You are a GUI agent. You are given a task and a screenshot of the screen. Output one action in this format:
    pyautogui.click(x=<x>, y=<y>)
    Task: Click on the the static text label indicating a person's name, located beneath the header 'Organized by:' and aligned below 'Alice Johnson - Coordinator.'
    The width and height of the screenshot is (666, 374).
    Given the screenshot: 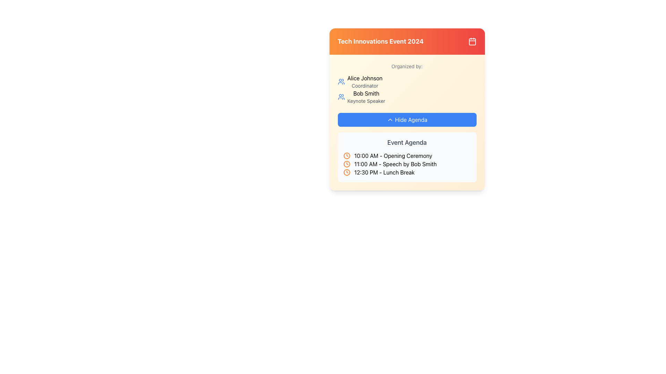 What is the action you would take?
    pyautogui.click(x=366, y=93)
    